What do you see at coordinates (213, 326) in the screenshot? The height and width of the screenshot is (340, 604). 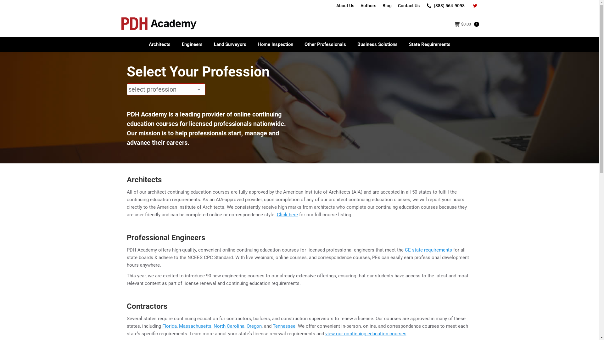 I see `'North Carolina'` at bounding box center [213, 326].